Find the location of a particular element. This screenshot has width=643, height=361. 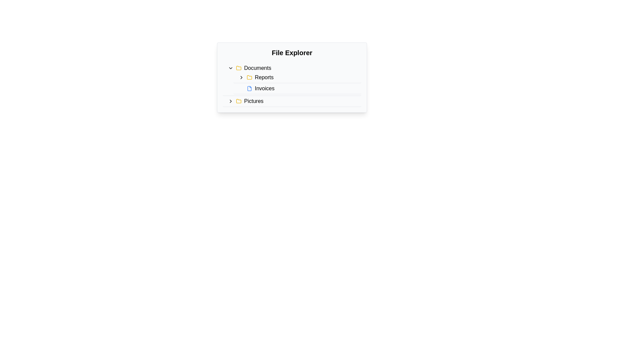

the folder icon located next to the 'Documents' label in the file explorer interface is located at coordinates (239, 68).